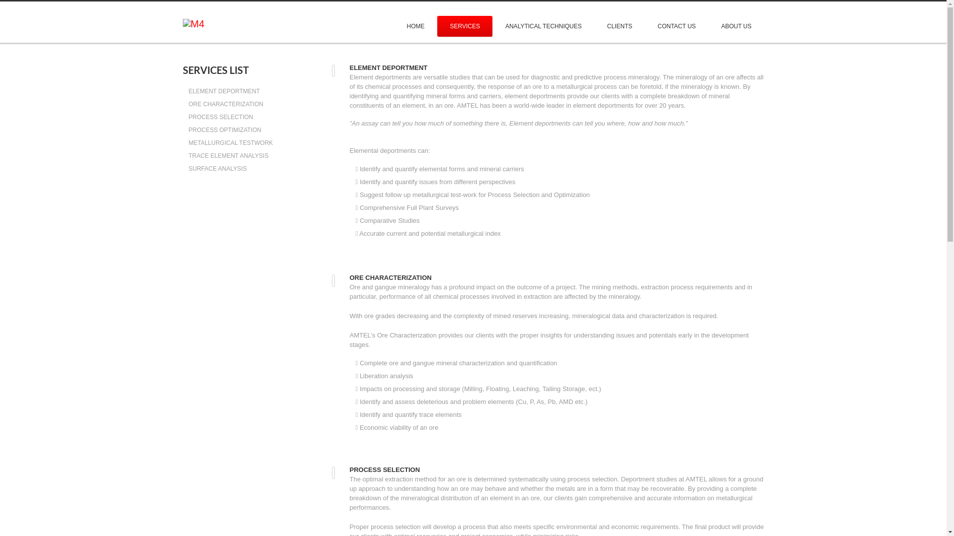 This screenshot has height=536, width=954. Describe the element at coordinates (644, 26) in the screenshot. I see `'CONTACT US'` at that location.